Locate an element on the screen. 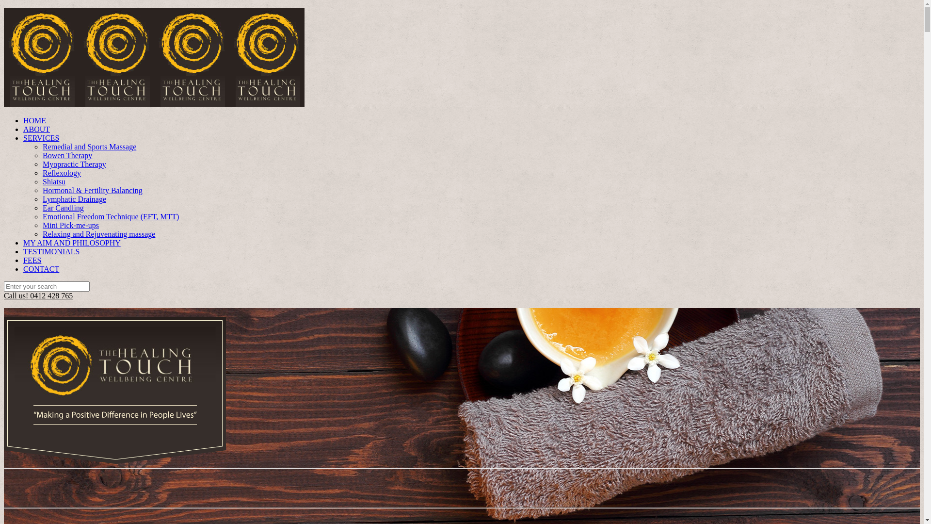  'Bowen Therapy' is located at coordinates (67, 155).